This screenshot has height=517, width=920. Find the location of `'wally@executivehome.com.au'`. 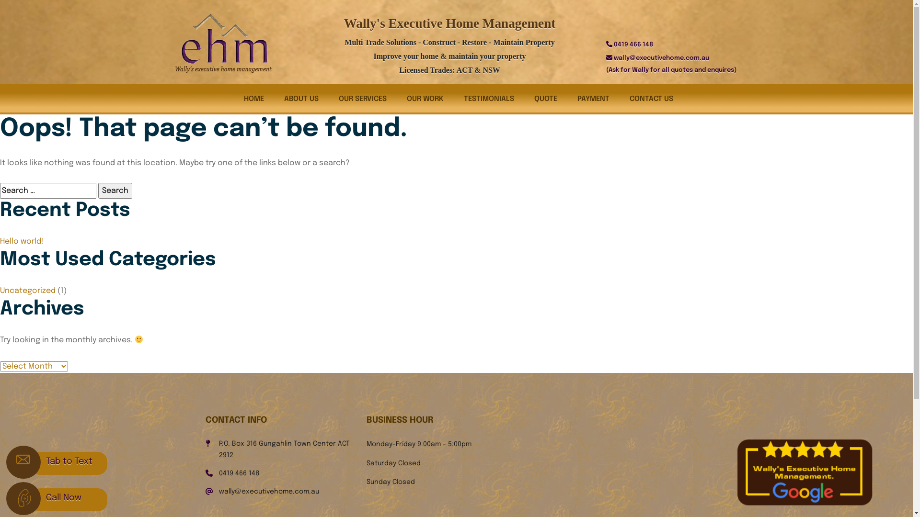

'wally@executivehome.com.au' is located at coordinates (268, 491).